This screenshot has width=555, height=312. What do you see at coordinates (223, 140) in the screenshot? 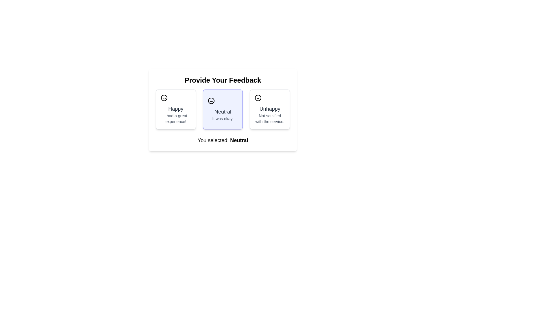
I see `the text label that confirms the user's selection as 'Neutral', located at the bottom section of the card interface` at bounding box center [223, 140].